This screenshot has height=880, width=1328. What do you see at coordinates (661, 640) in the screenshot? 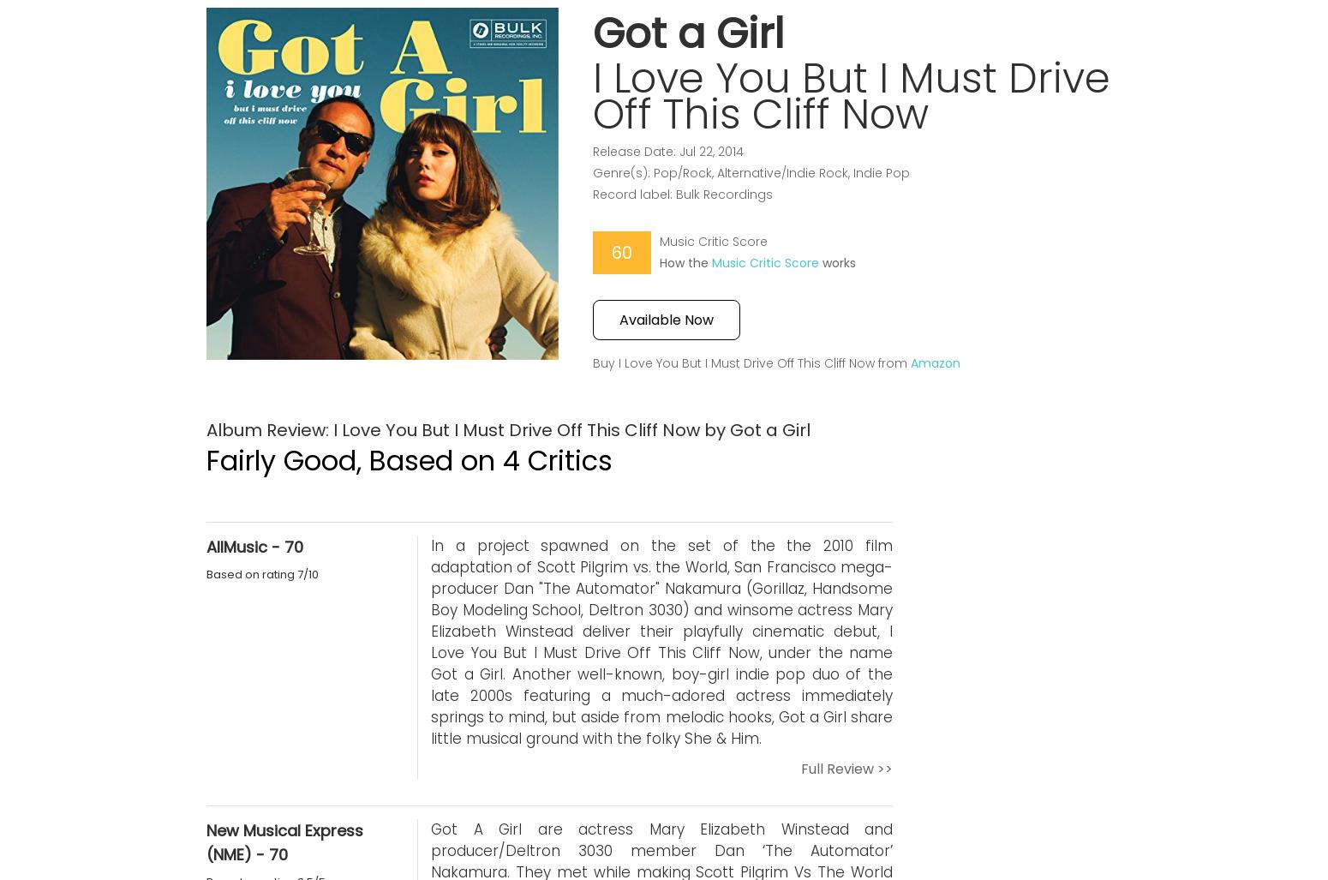
I see `'In a project spawned on the set of the the 2010 film adaptation of Scott Pilgrim vs. the World, San Francisco mega-producer Dan "The Automator" Nakamura (Gorillaz, Handsome Boy Modeling School, Deltron 3030) and winsome actress Mary Elizabeth Winstead deliver their playfully cinematic debut, I Love You But I Must Drive Off This Cliff Now, under the name Got a Girl. Another well-known, boy-girl indie pop duo of the late 2000s featuring a much-adored actress immediately springs to mind, but aside from melodic hooks, Got a Girl share little musical ground with the folky She & Him.'` at bounding box center [661, 640].